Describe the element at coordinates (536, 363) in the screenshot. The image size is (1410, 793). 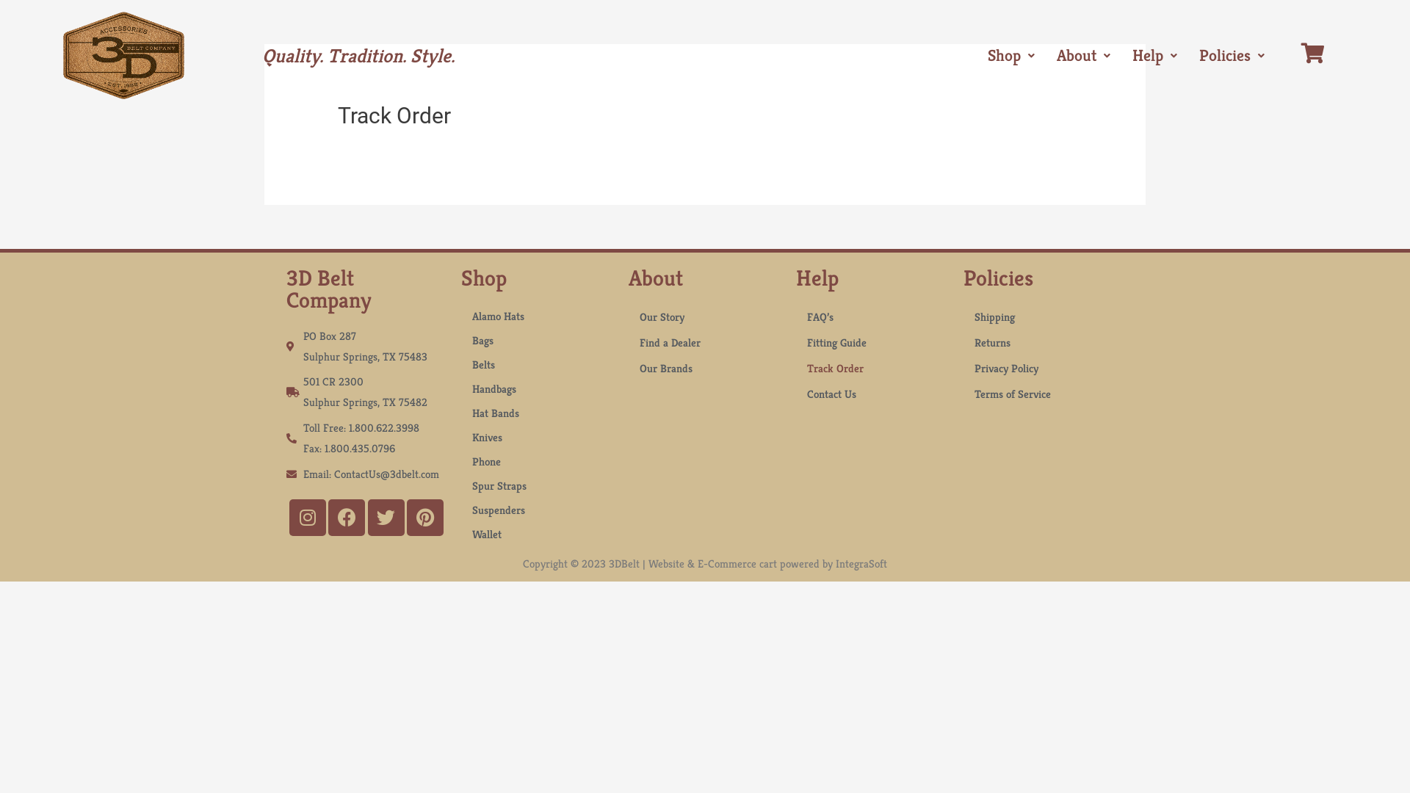
I see `'Belts'` at that location.